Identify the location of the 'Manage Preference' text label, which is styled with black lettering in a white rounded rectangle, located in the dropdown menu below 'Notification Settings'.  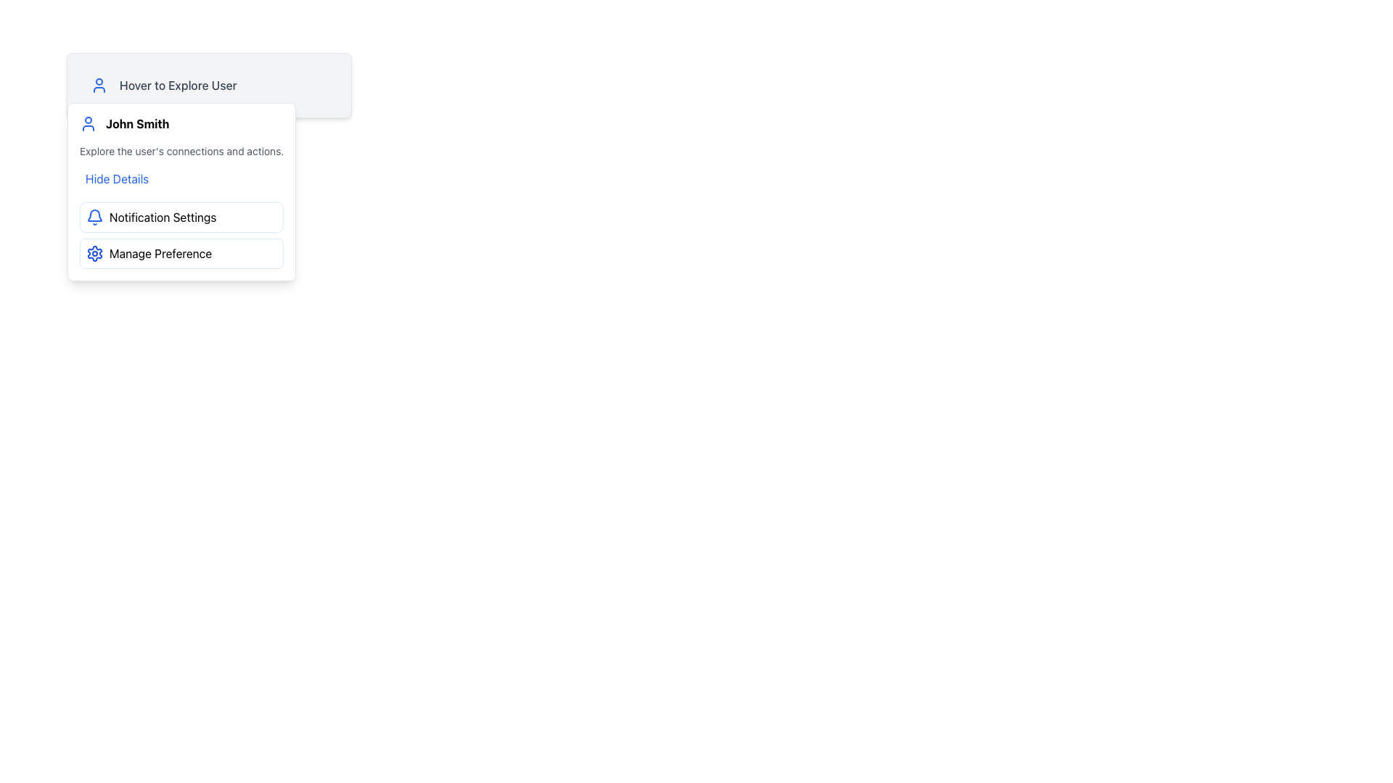
(160, 253).